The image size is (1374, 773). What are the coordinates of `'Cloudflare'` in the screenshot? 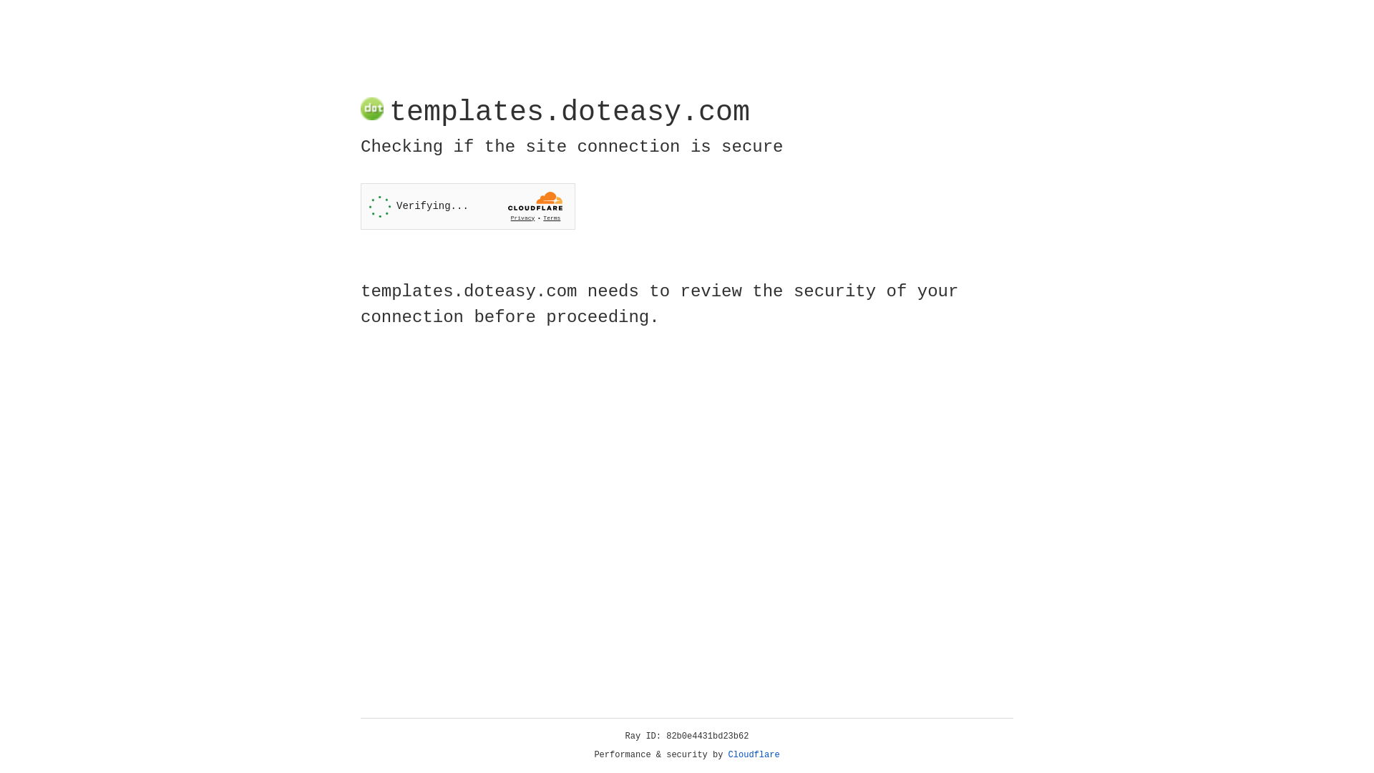 It's located at (754, 754).